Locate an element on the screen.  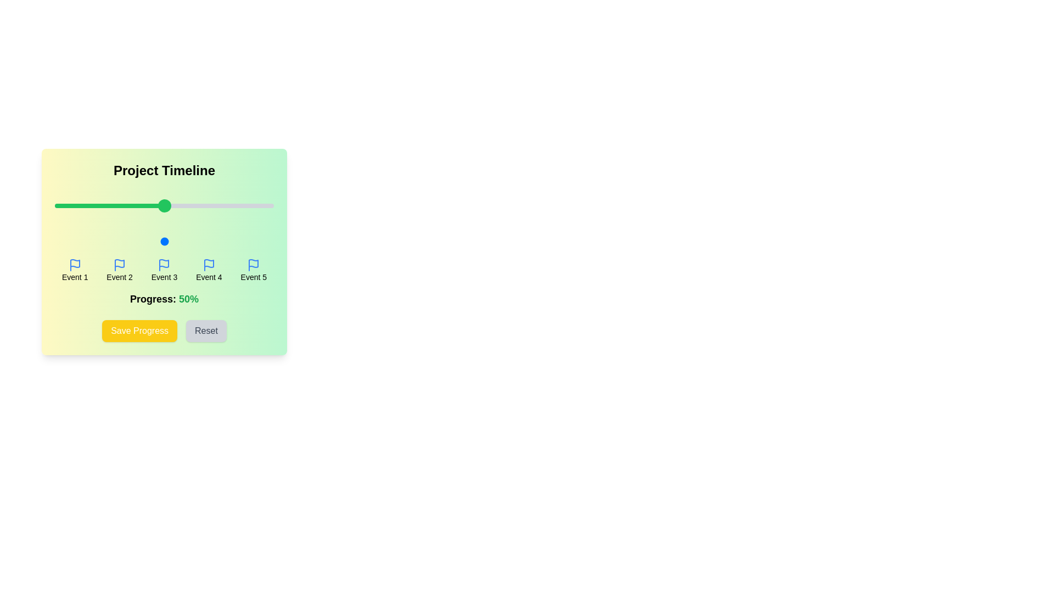
the timeline progress to 38% by adjusting the slider is located at coordinates (137, 240).